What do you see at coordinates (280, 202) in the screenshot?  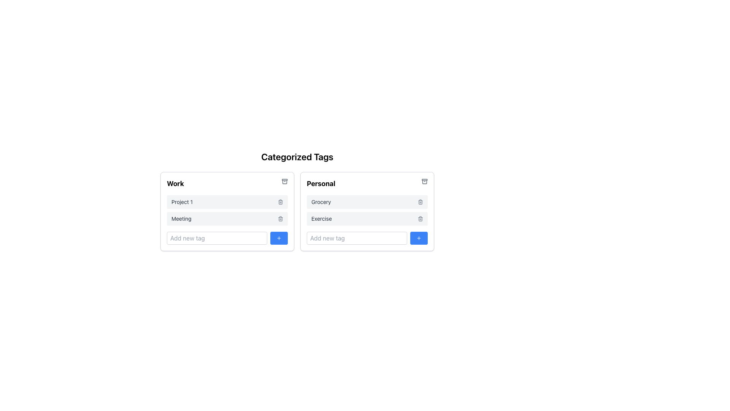 I see `the trash icon button located at the far right side of the row containing the text 'Project 1' in the 'Work' category` at bounding box center [280, 202].